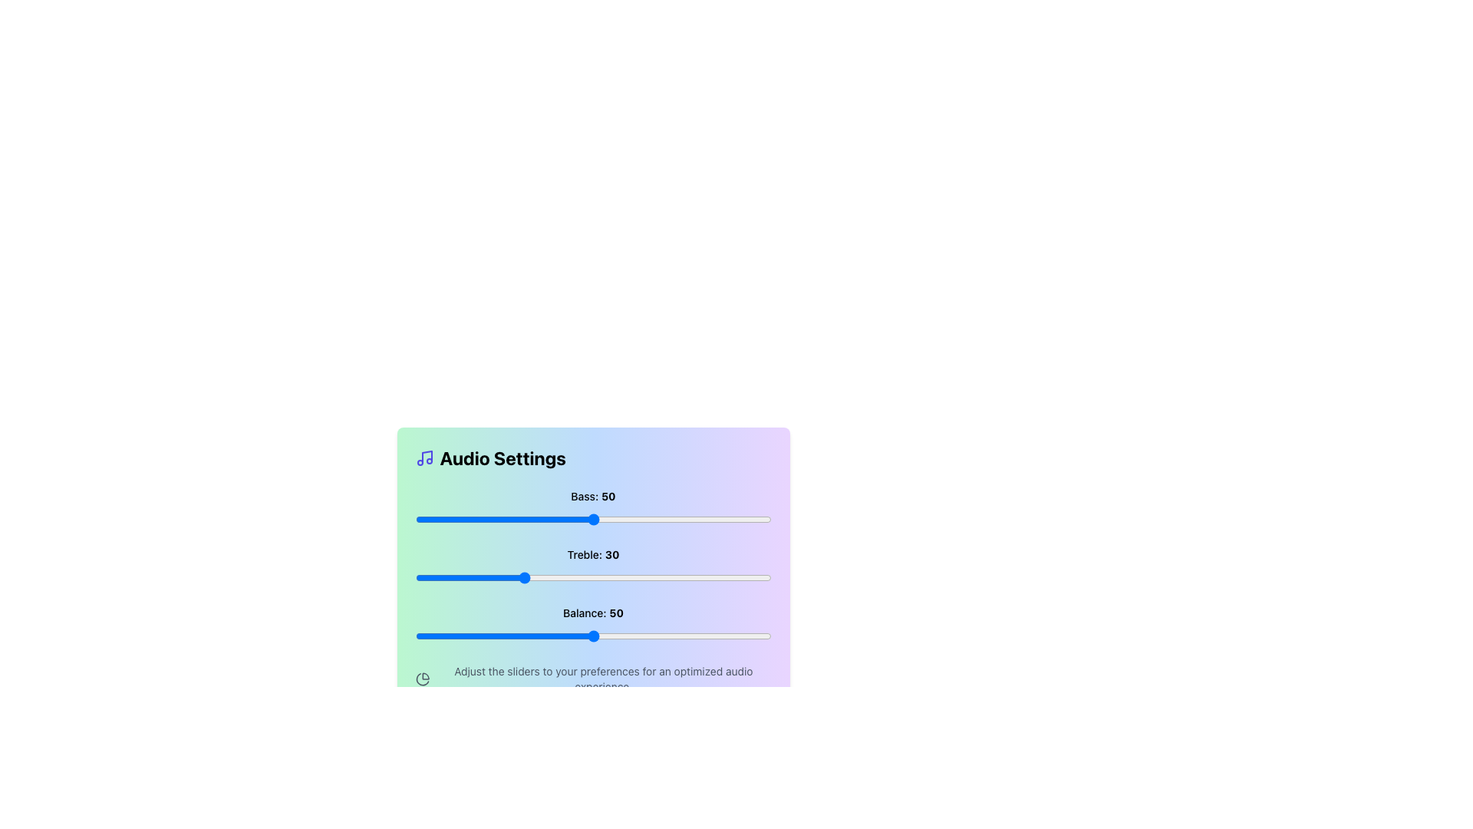  What do you see at coordinates (553, 636) in the screenshot?
I see `balance` at bounding box center [553, 636].